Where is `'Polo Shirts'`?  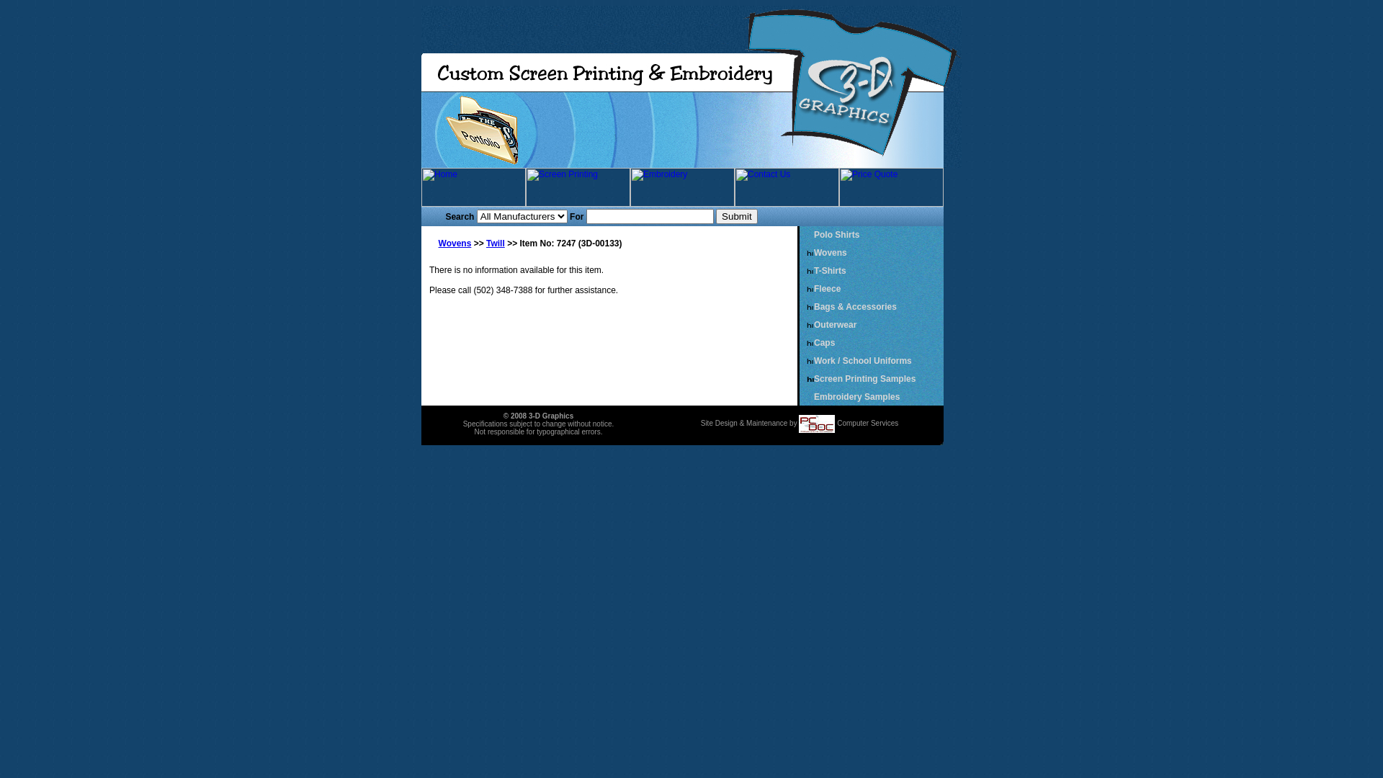 'Polo Shirts' is located at coordinates (836, 234).